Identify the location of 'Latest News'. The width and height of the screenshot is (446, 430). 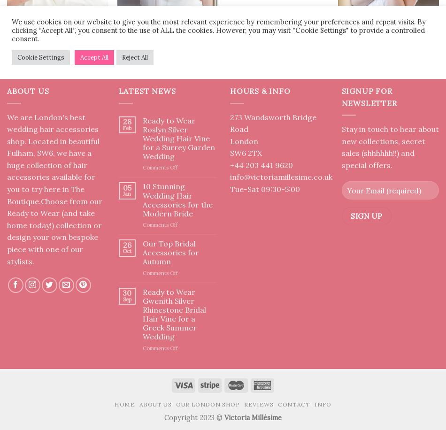
(118, 91).